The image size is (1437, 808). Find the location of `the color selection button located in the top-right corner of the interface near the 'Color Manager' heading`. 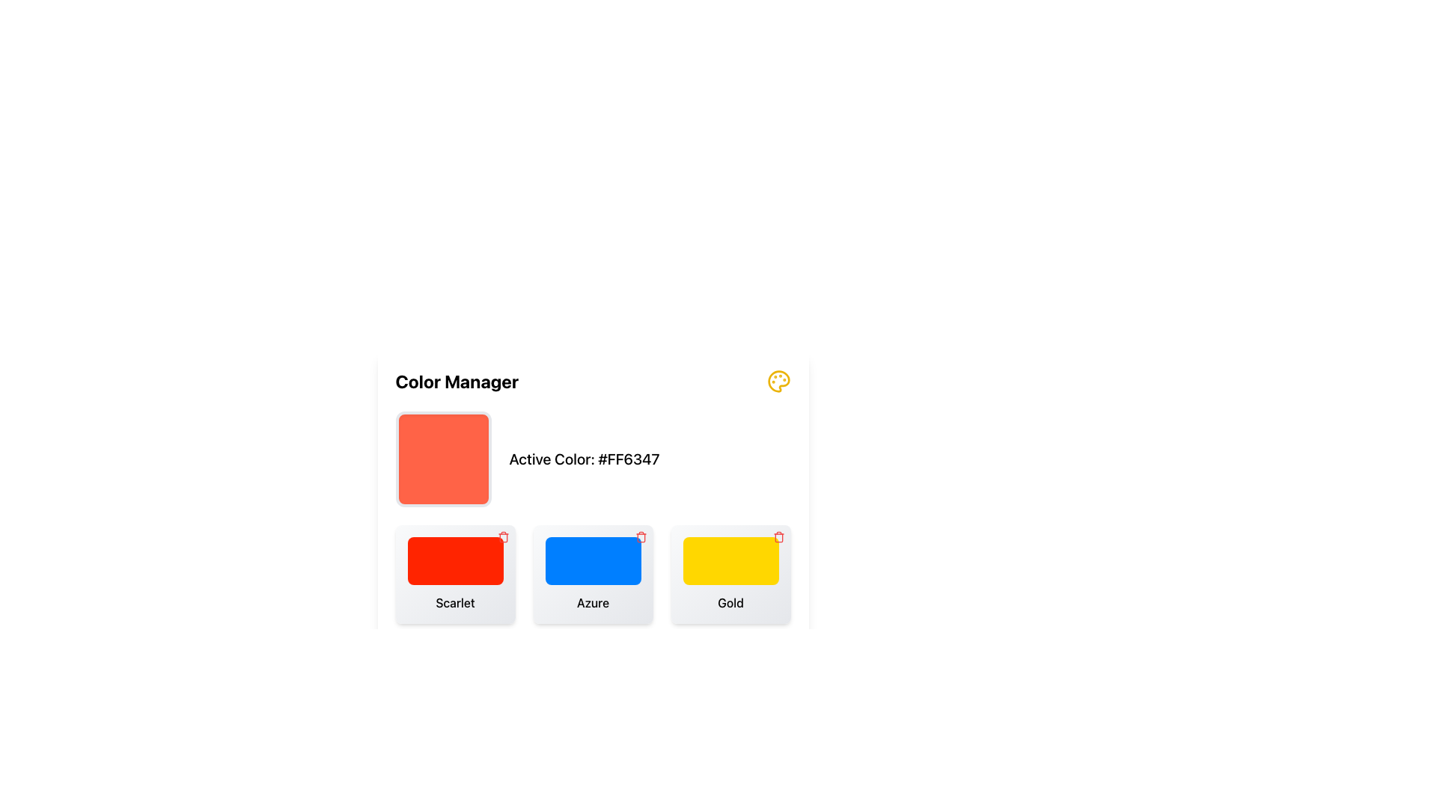

the color selection button located in the top-right corner of the interface near the 'Color Manager' heading is located at coordinates (778, 380).